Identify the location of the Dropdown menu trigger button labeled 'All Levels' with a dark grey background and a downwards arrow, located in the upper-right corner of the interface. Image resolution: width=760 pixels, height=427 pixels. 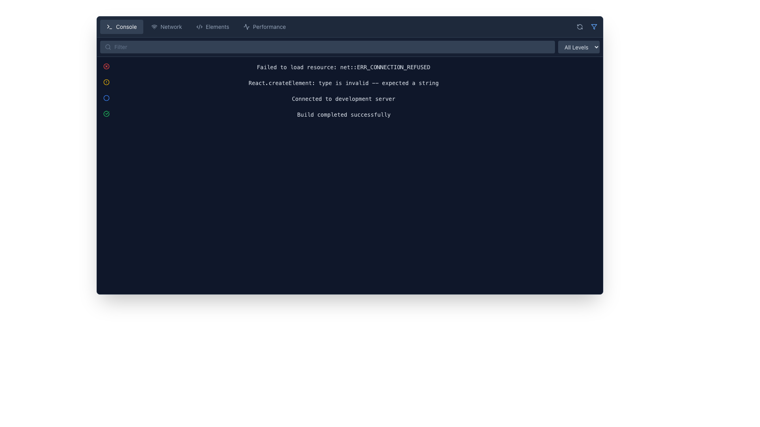
(579, 47).